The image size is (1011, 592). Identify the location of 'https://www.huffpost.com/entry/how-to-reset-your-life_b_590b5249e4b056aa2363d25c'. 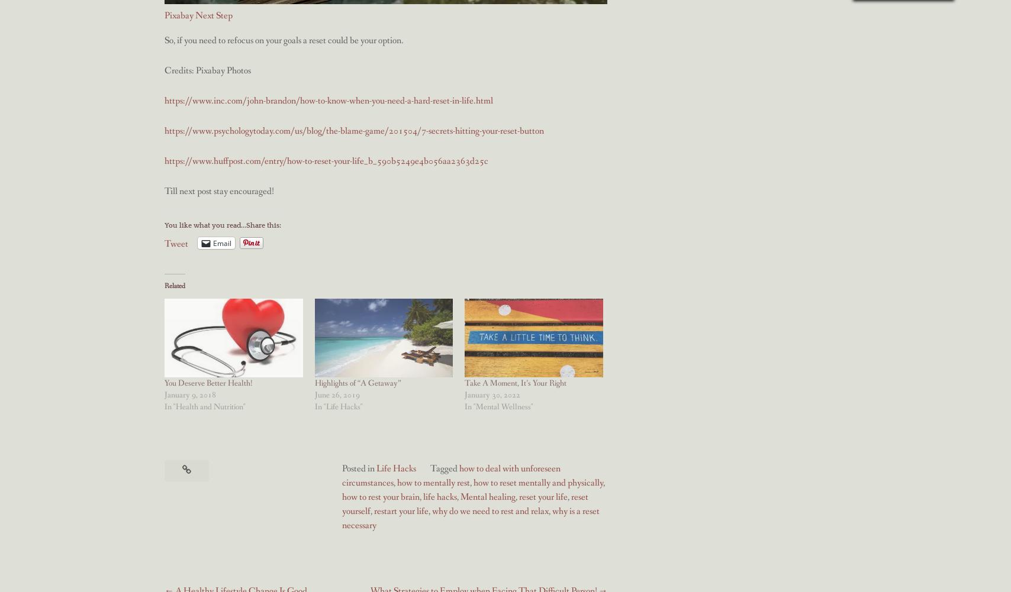
(326, 160).